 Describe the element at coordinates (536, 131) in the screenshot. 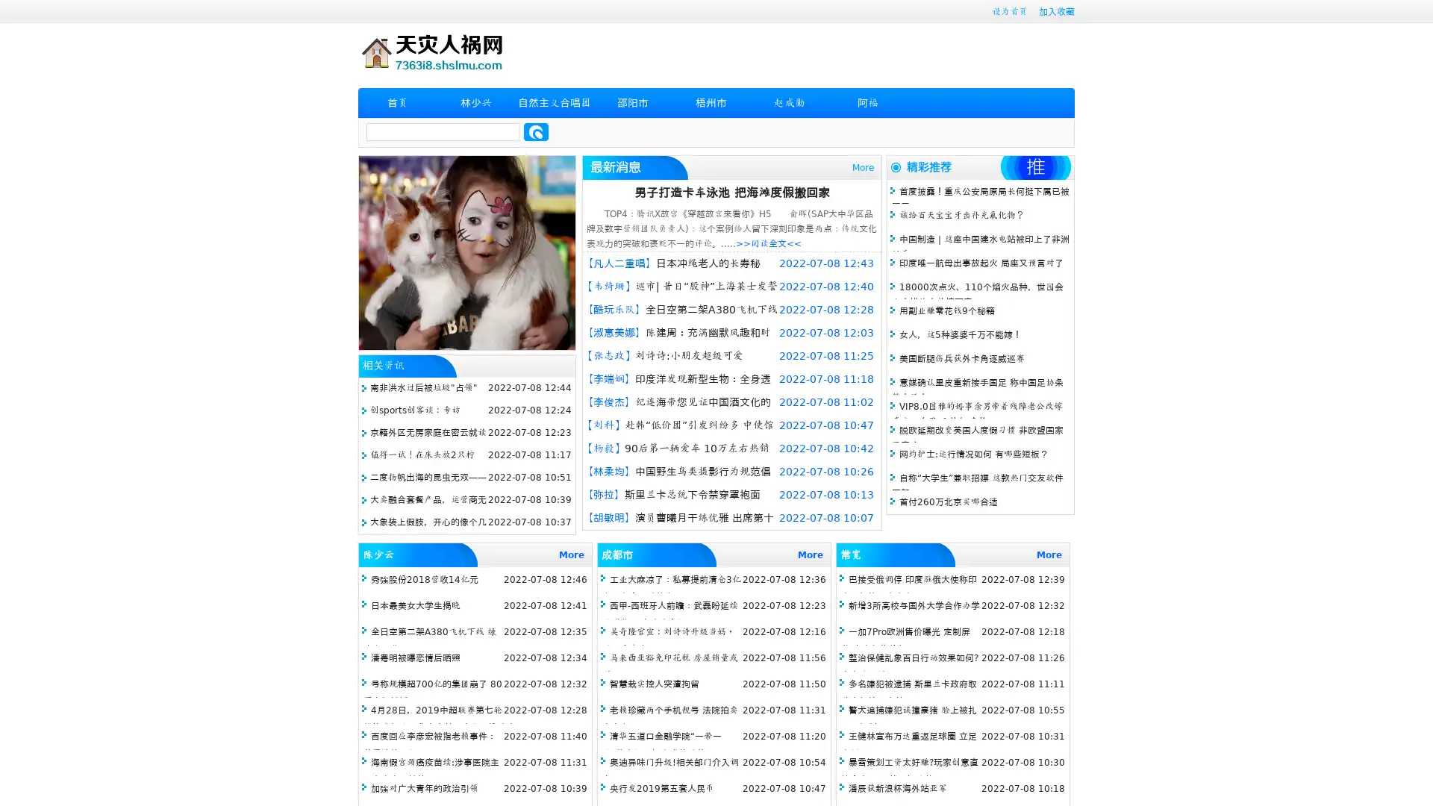

I see `Search` at that location.